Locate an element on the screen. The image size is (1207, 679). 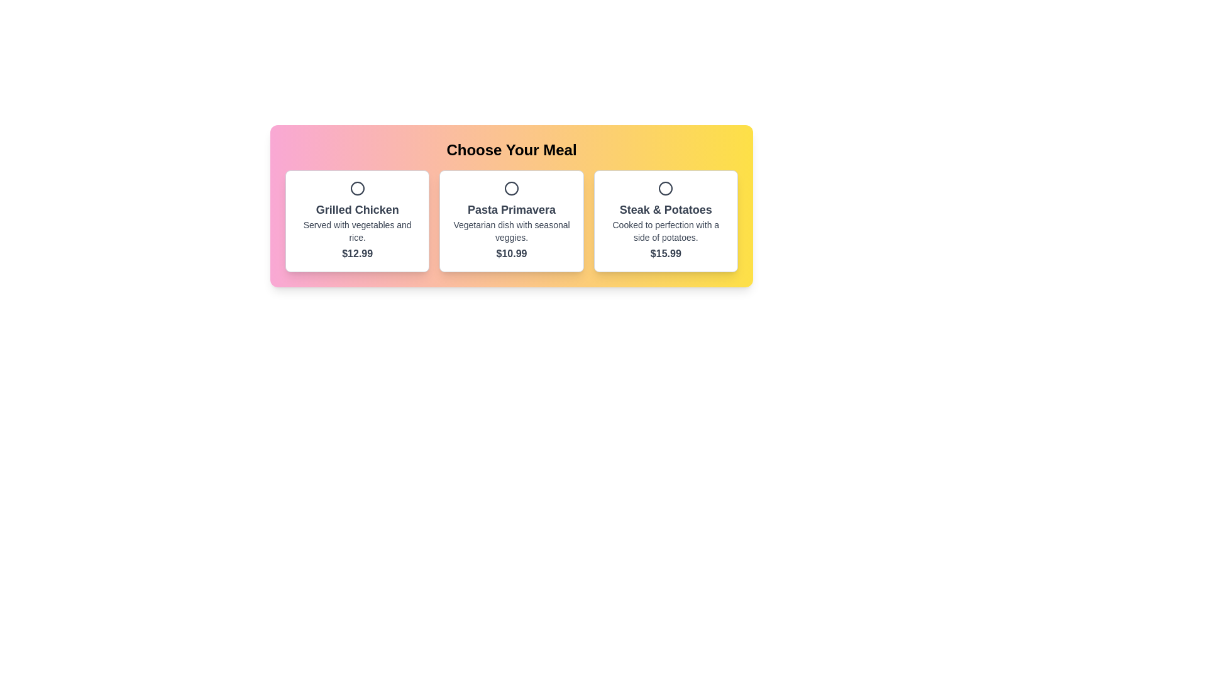
the radio button for the 'Pasta Primavera' meal option, located centrally within the selection card, positioned between 'Grilled Chicken' and 'Steak & Potatoes' is located at coordinates (511, 189).